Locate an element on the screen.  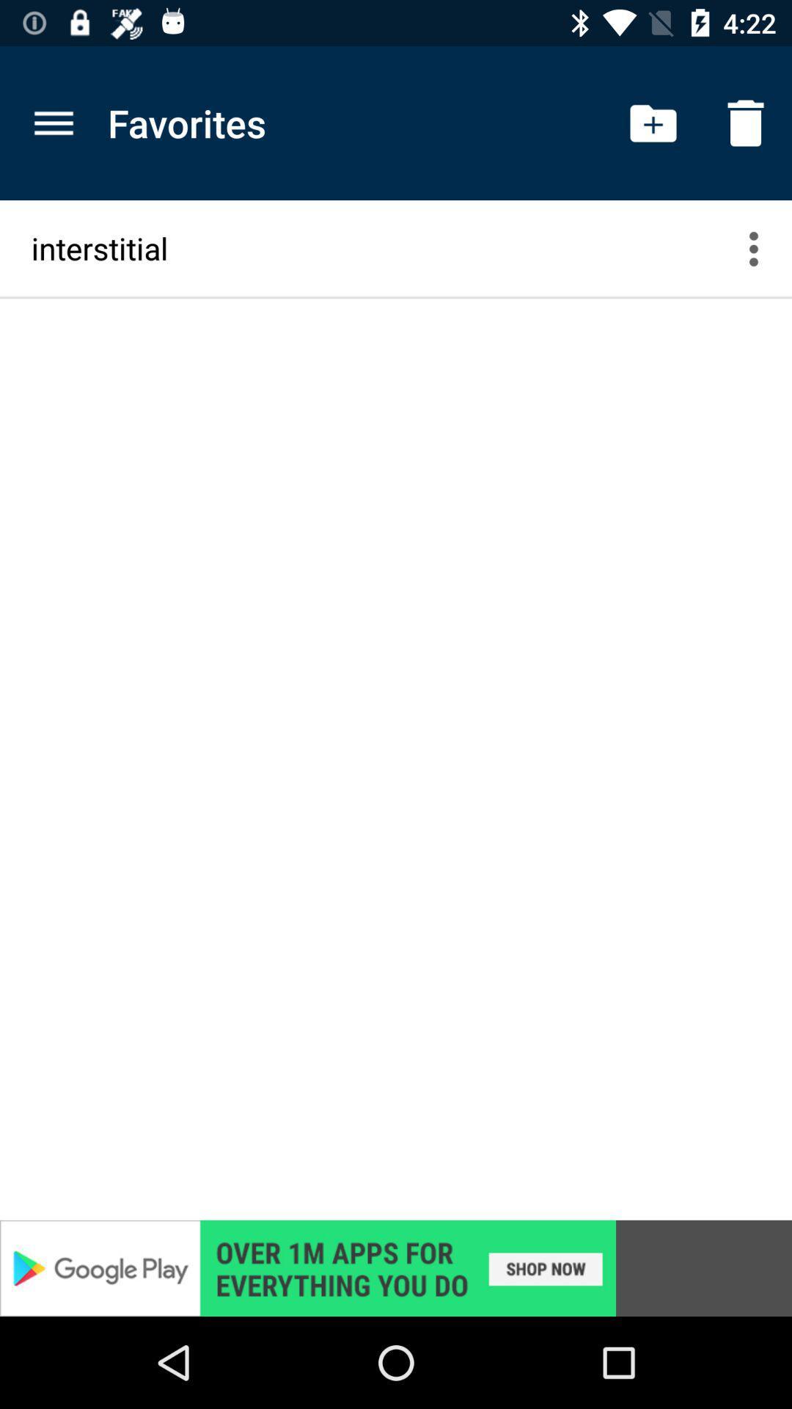
advertisement is located at coordinates (396, 1267).